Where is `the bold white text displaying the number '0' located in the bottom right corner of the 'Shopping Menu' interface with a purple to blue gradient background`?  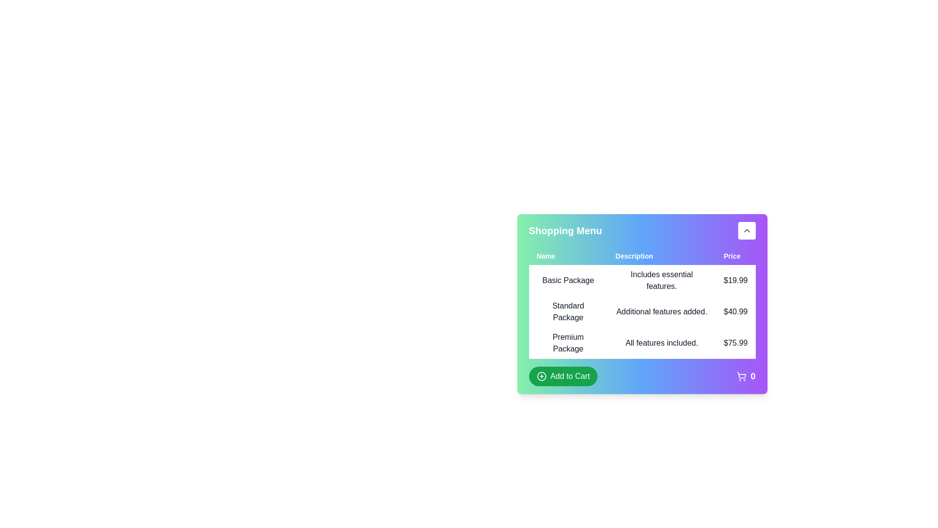 the bold white text displaying the number '0' located in the bottom right corner of the 'Shopping Menu' interface with a purple to blue gradient background is located at coordinates (752, 376).